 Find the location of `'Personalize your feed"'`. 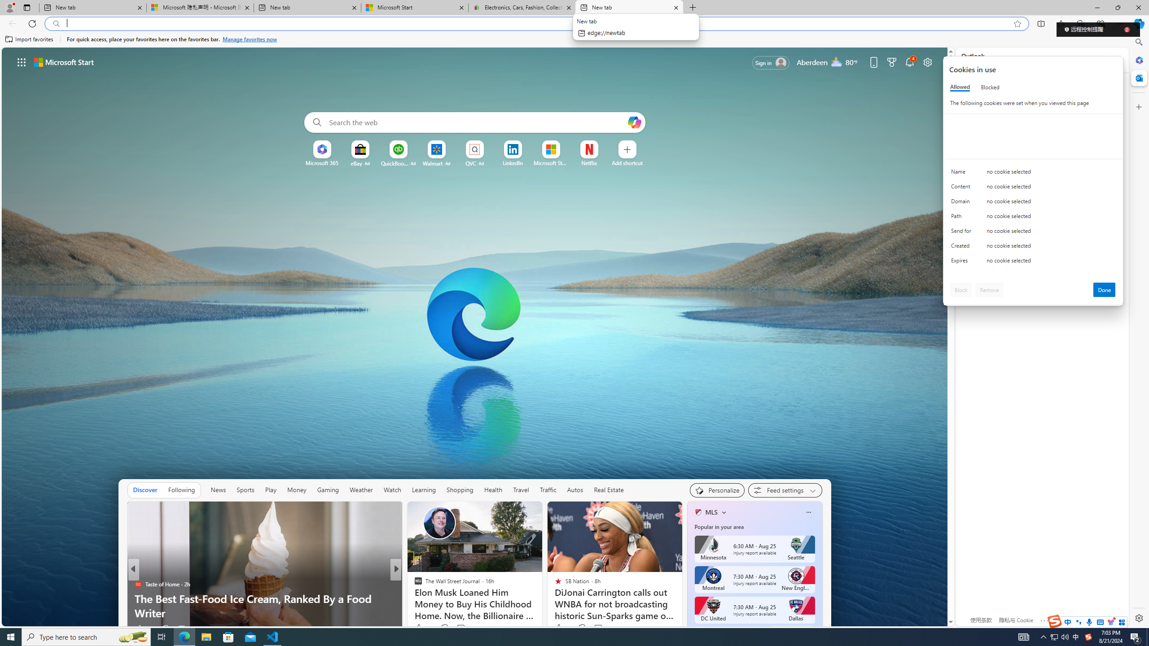

'Personalize your feed"' is located at coordinates (717, 489).